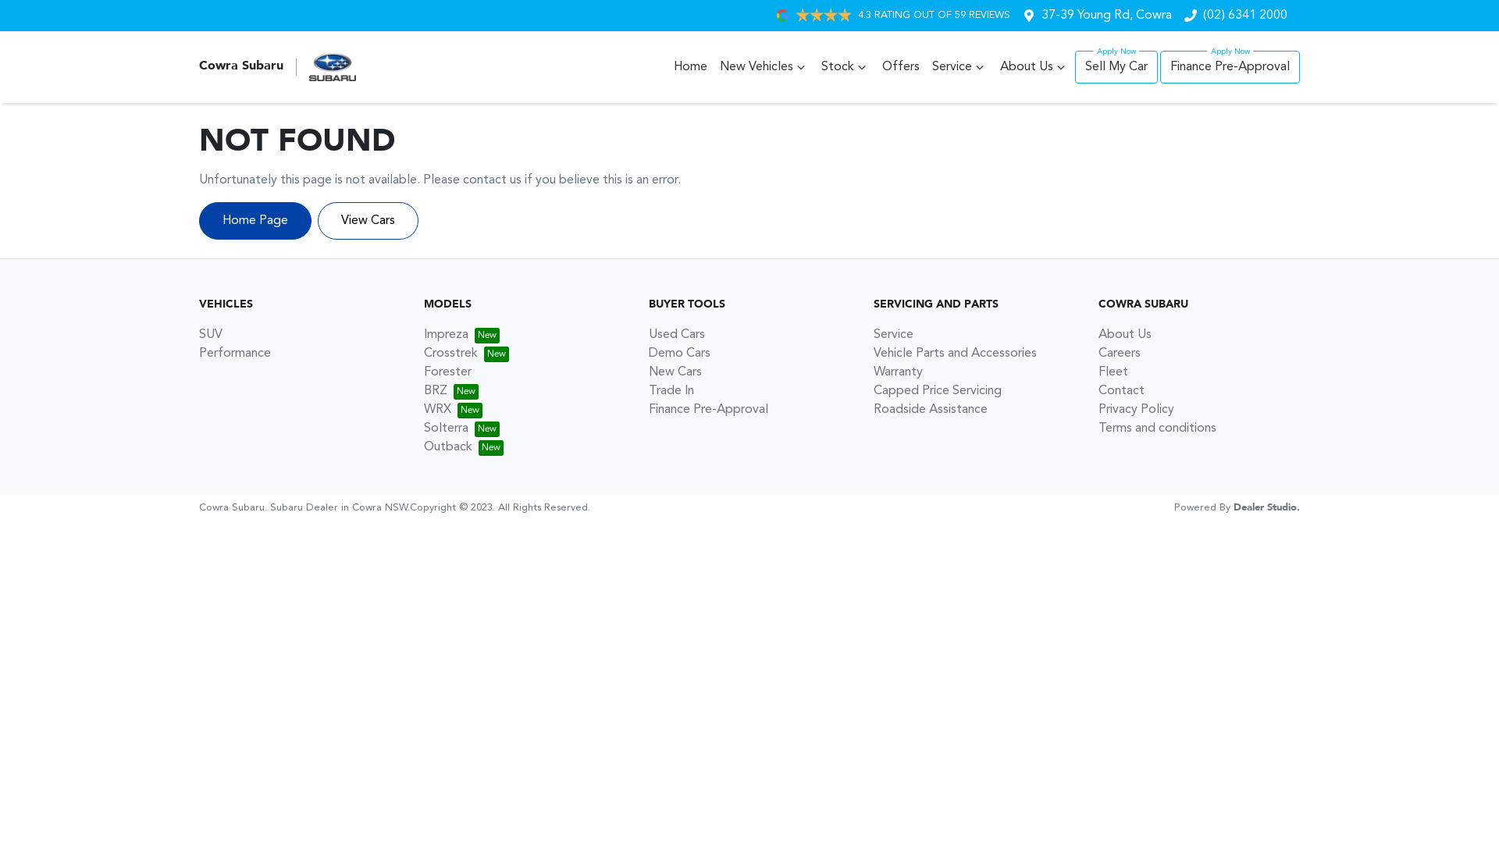  Describe the element at coordinates (992, 66) in the screenshot. I see `'About Us'` at that location.